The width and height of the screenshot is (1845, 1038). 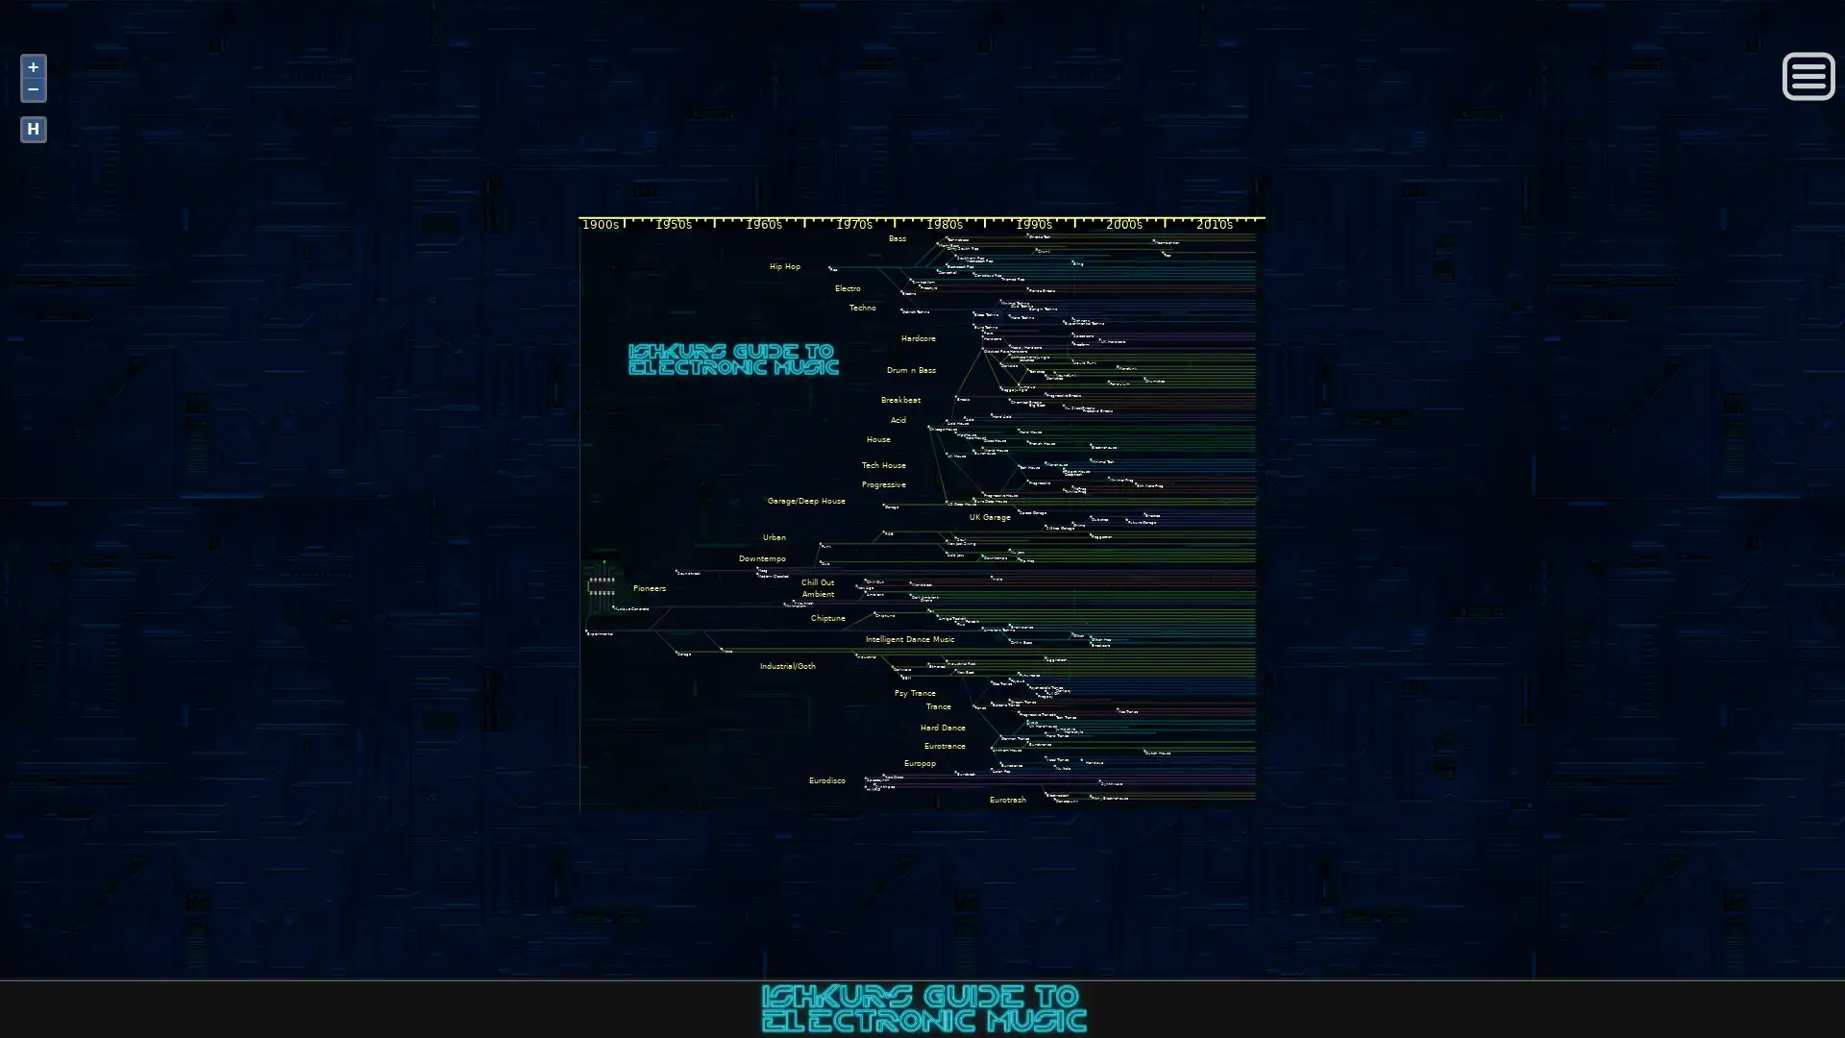 What do you see at coordinates (33, 65) in the screenshot?
I see `+` at bounding box center [33, 65].